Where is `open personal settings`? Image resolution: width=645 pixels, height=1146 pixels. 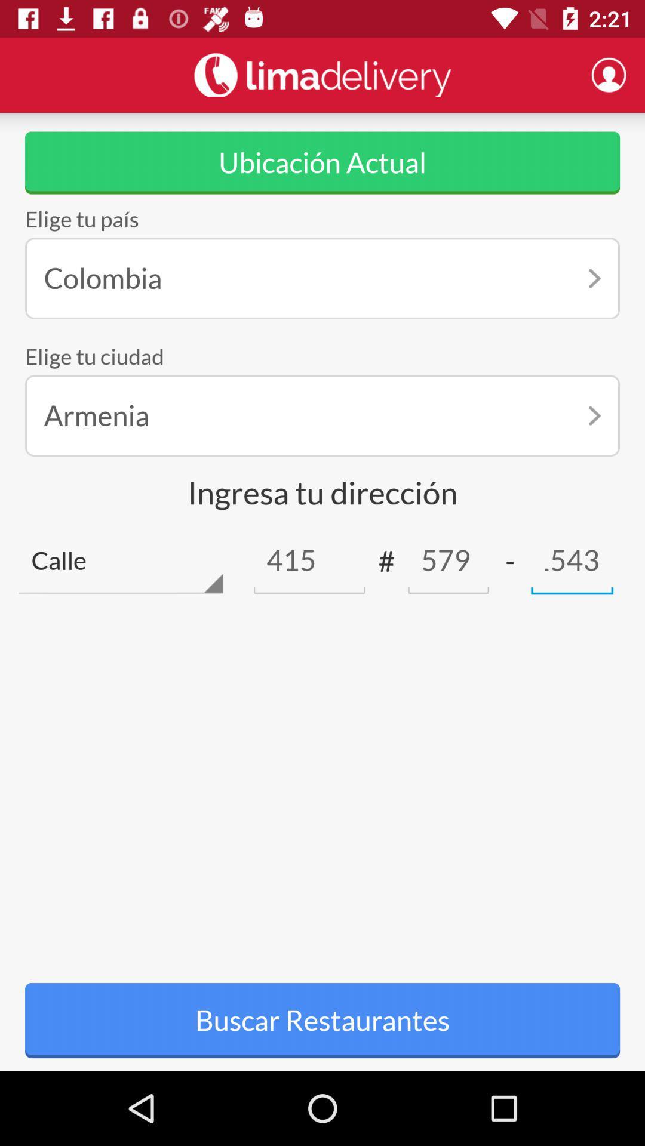 open personal settings is located at coordinates (609, 74).